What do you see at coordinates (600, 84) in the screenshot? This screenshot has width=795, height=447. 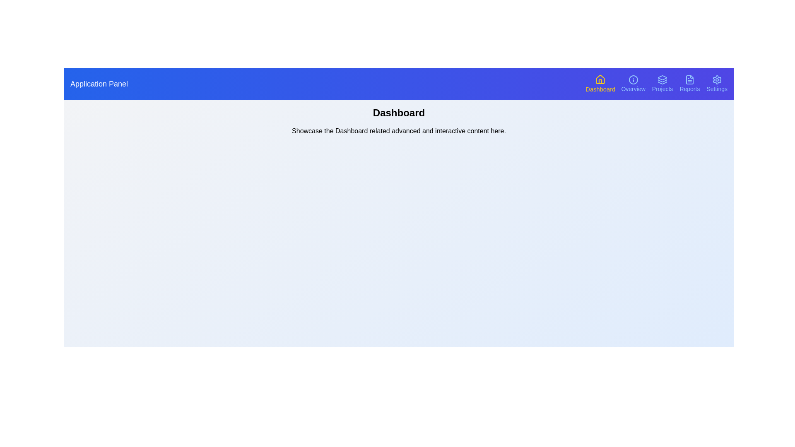 I see `the Dashboard section by clicking its corresponding navigation button` at bounding box center [600, 84].